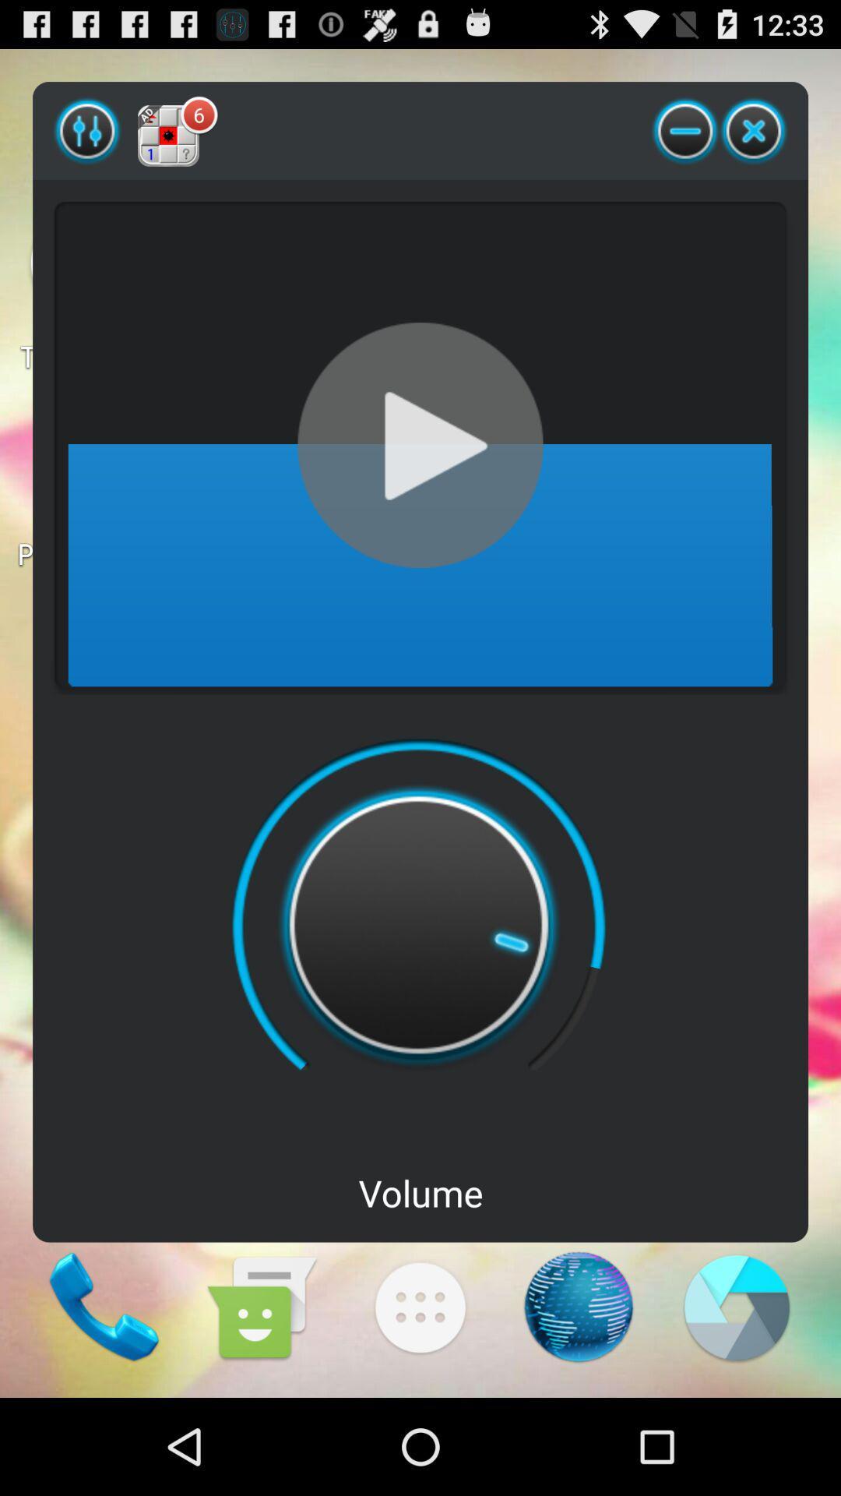  Describe the element at coordinates (752, 139) in the screenshot. I see `the close icon` at that location.